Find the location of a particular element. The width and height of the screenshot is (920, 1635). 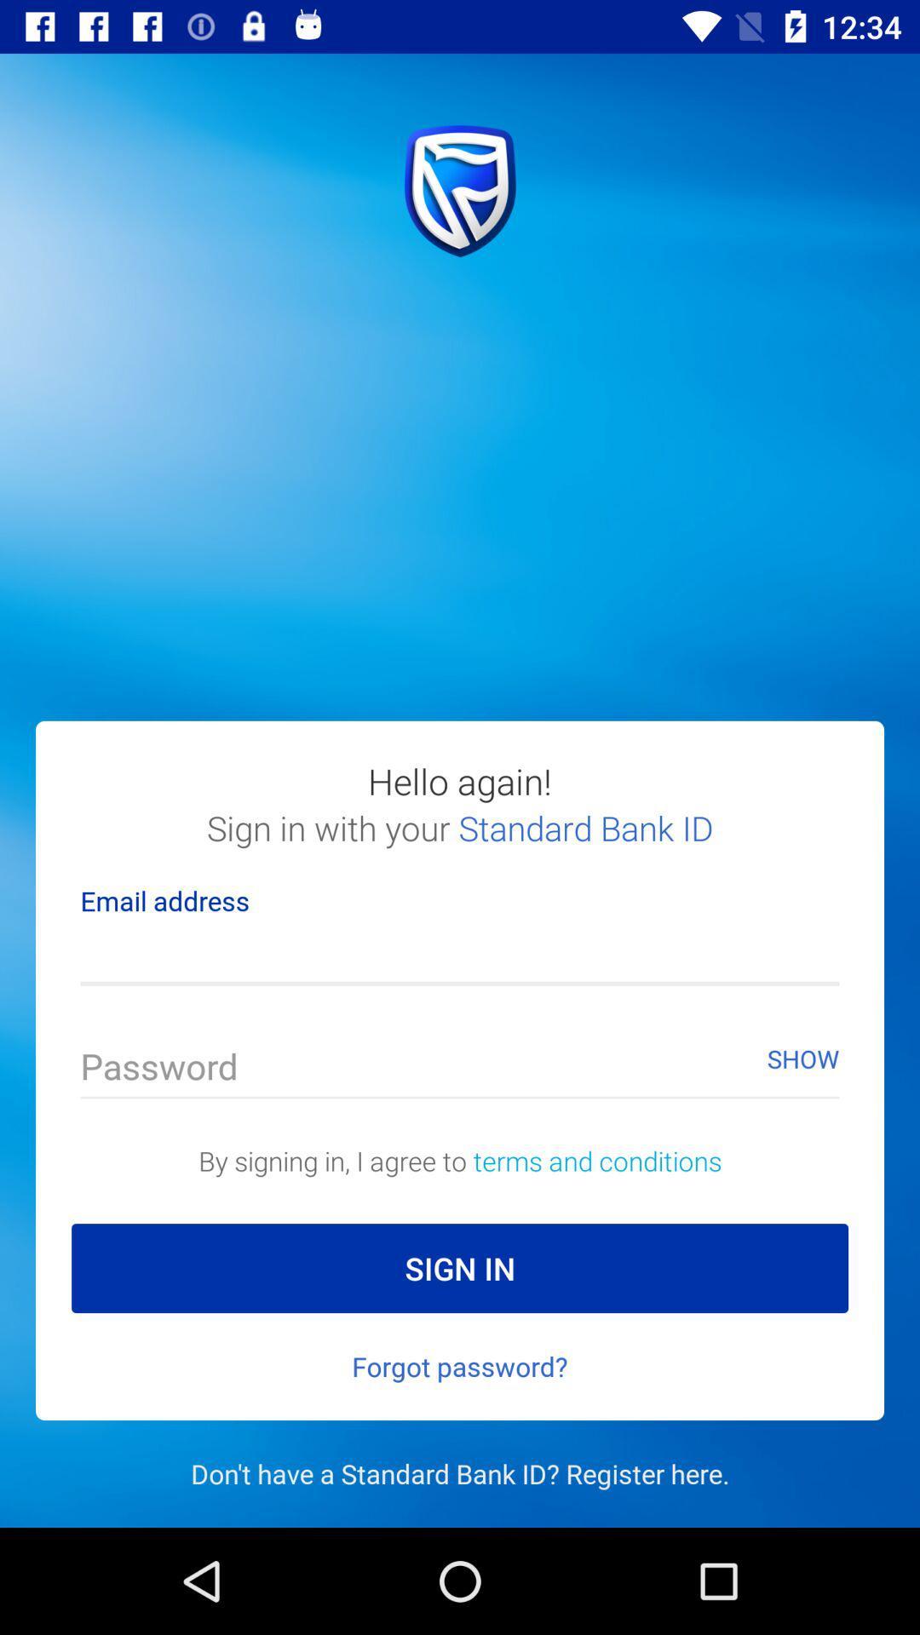

your password is located at coordinates (460, 1070).